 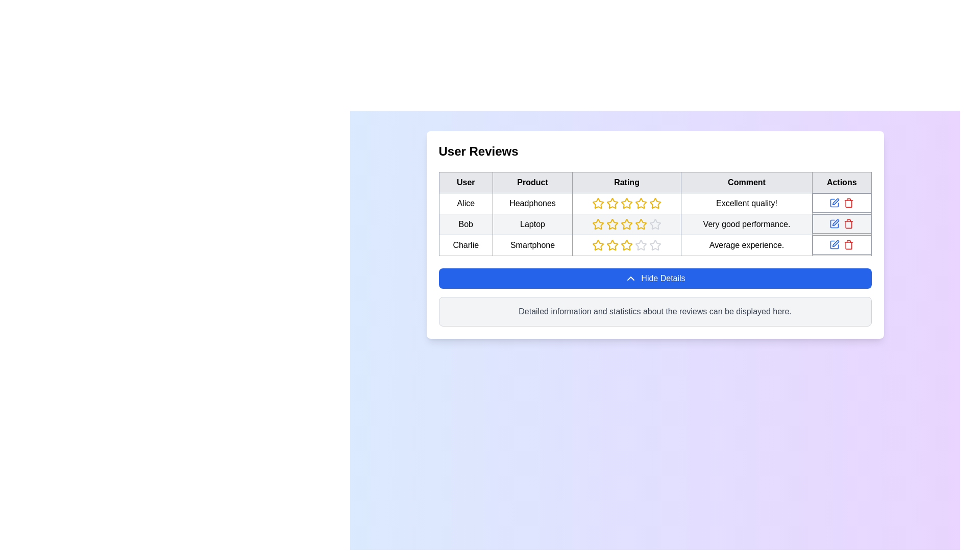 What do you see at coordinates (835, 244) in the screenshot?
I see `the rectangular icon with rounded corners located in the 'Actions' column for Charlie in the review table` at bounding box center [835, 244].